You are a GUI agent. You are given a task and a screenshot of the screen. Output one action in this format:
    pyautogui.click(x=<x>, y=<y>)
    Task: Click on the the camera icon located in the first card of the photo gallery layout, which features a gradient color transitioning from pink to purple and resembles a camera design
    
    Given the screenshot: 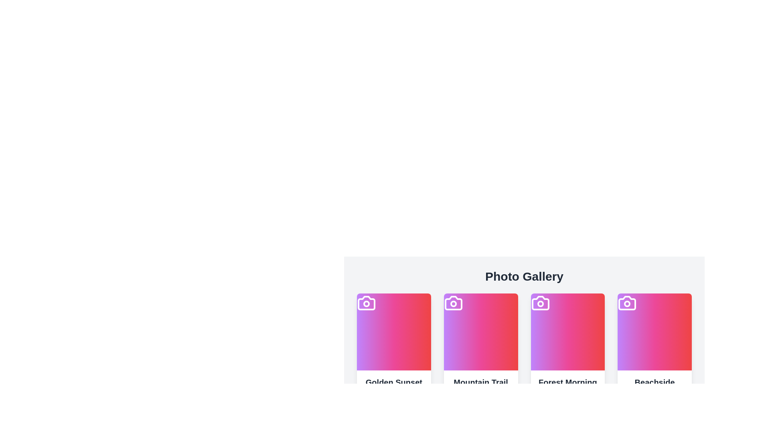 What is the action you would take?
    pyautogui.click(x=366, y=303)
    